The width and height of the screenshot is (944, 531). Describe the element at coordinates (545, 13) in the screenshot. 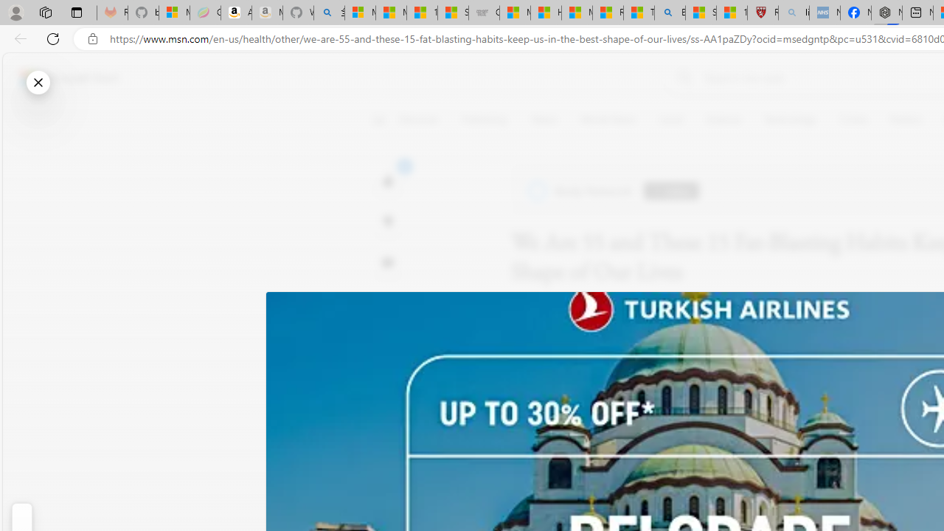

I see `'How I Got Rid of Microsoft Edge'` at that location.